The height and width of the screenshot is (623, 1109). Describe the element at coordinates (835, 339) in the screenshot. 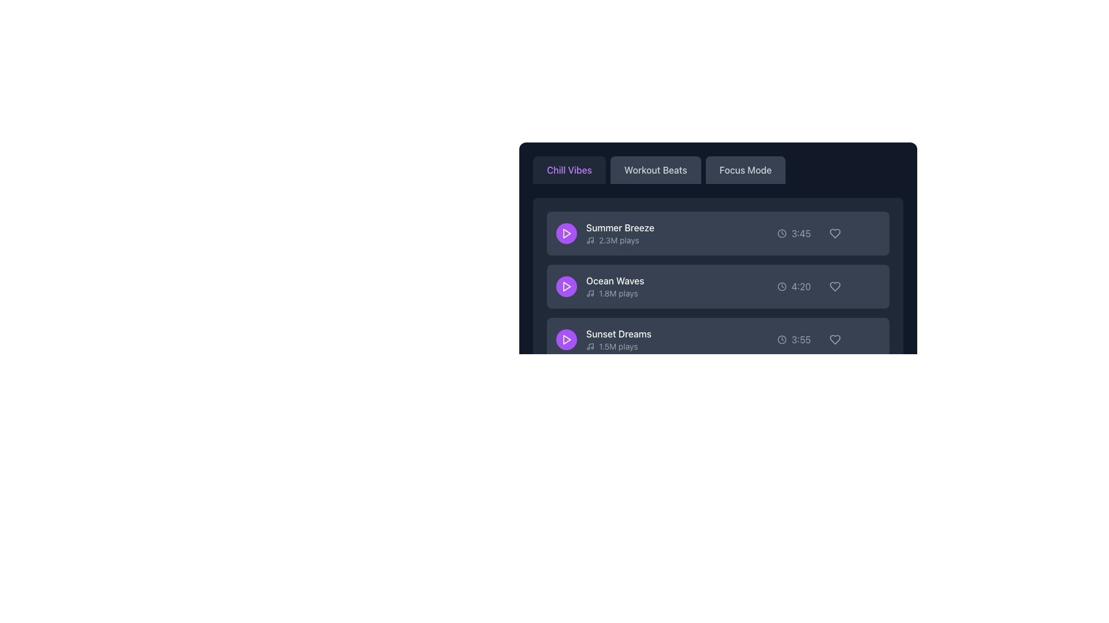

I see `the third heart icon at the end of the row for the music track 'Sunset Dreams' to favorite the item` at that location.